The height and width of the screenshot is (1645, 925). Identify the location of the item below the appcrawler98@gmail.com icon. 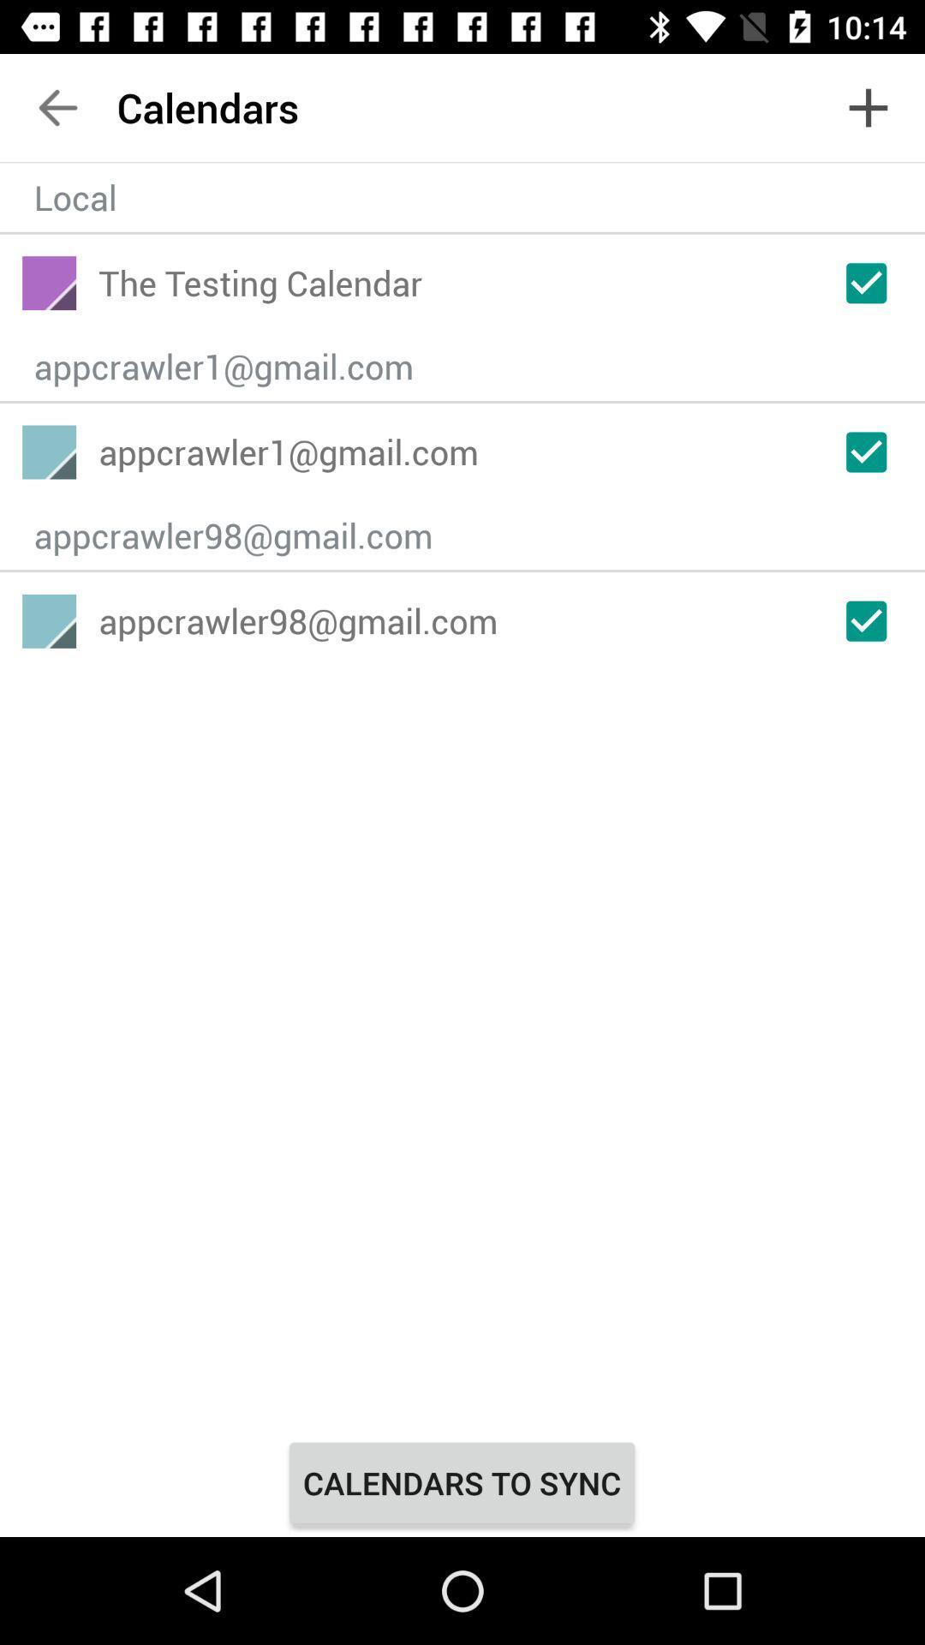
(461, 1482).